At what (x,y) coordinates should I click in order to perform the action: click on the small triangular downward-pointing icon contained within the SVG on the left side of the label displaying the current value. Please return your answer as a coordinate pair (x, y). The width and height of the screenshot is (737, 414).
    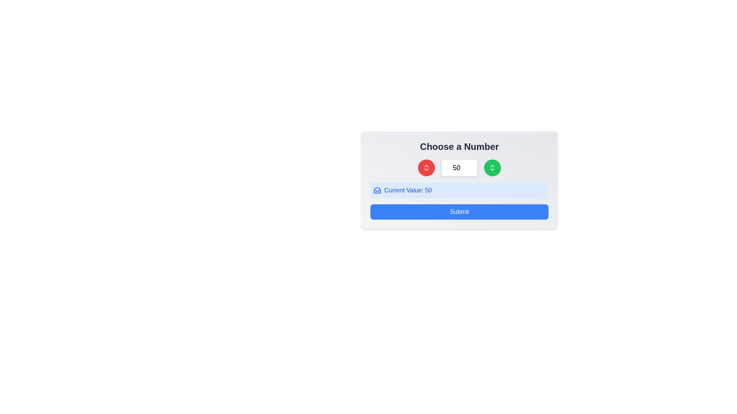
    Looking at the image, I should click on (377, 190).